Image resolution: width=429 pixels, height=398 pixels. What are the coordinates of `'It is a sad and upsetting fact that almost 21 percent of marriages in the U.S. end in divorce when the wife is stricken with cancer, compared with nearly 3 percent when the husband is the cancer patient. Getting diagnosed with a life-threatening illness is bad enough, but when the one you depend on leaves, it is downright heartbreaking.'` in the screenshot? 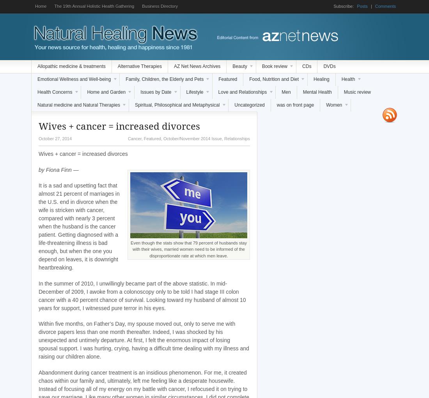 It's located at (39, 226).